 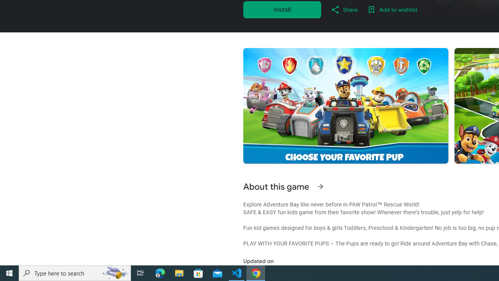 What do you see at coordinates (281, 9) in the screenshot?
I see `'Install'` at bounding box center [281, 9].